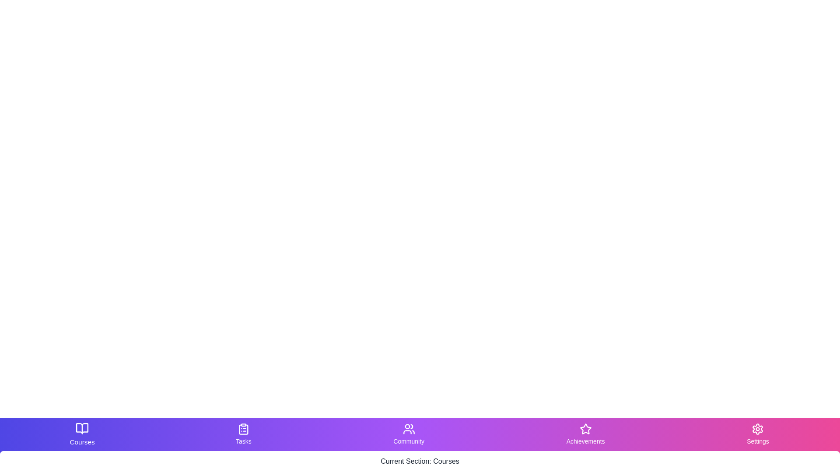 The width and height of the screenshot is (840, 472). I want to click on the Community tab, so click(408, 434).